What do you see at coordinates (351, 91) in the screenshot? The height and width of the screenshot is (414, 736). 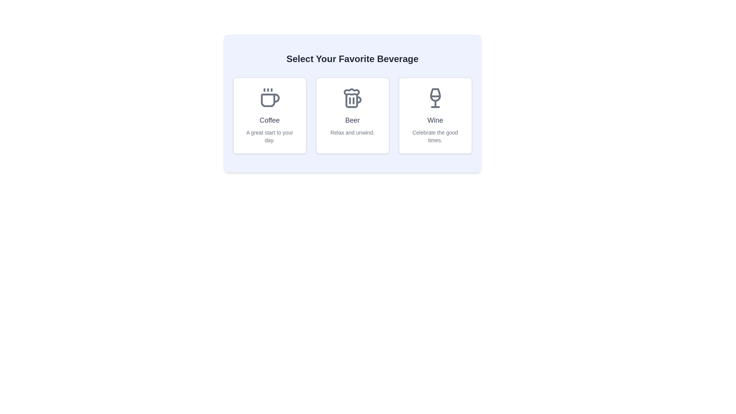 I see `the decorative graphical element of the beer mug icon located in the center card of the horizontally aligned set of cards labeled 'Coffee', 'Beer', and 'Wine'` at bounding box center [351, 91].